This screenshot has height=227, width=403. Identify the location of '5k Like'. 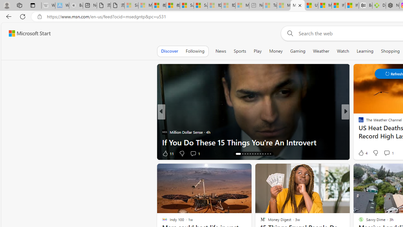
(361, 153).